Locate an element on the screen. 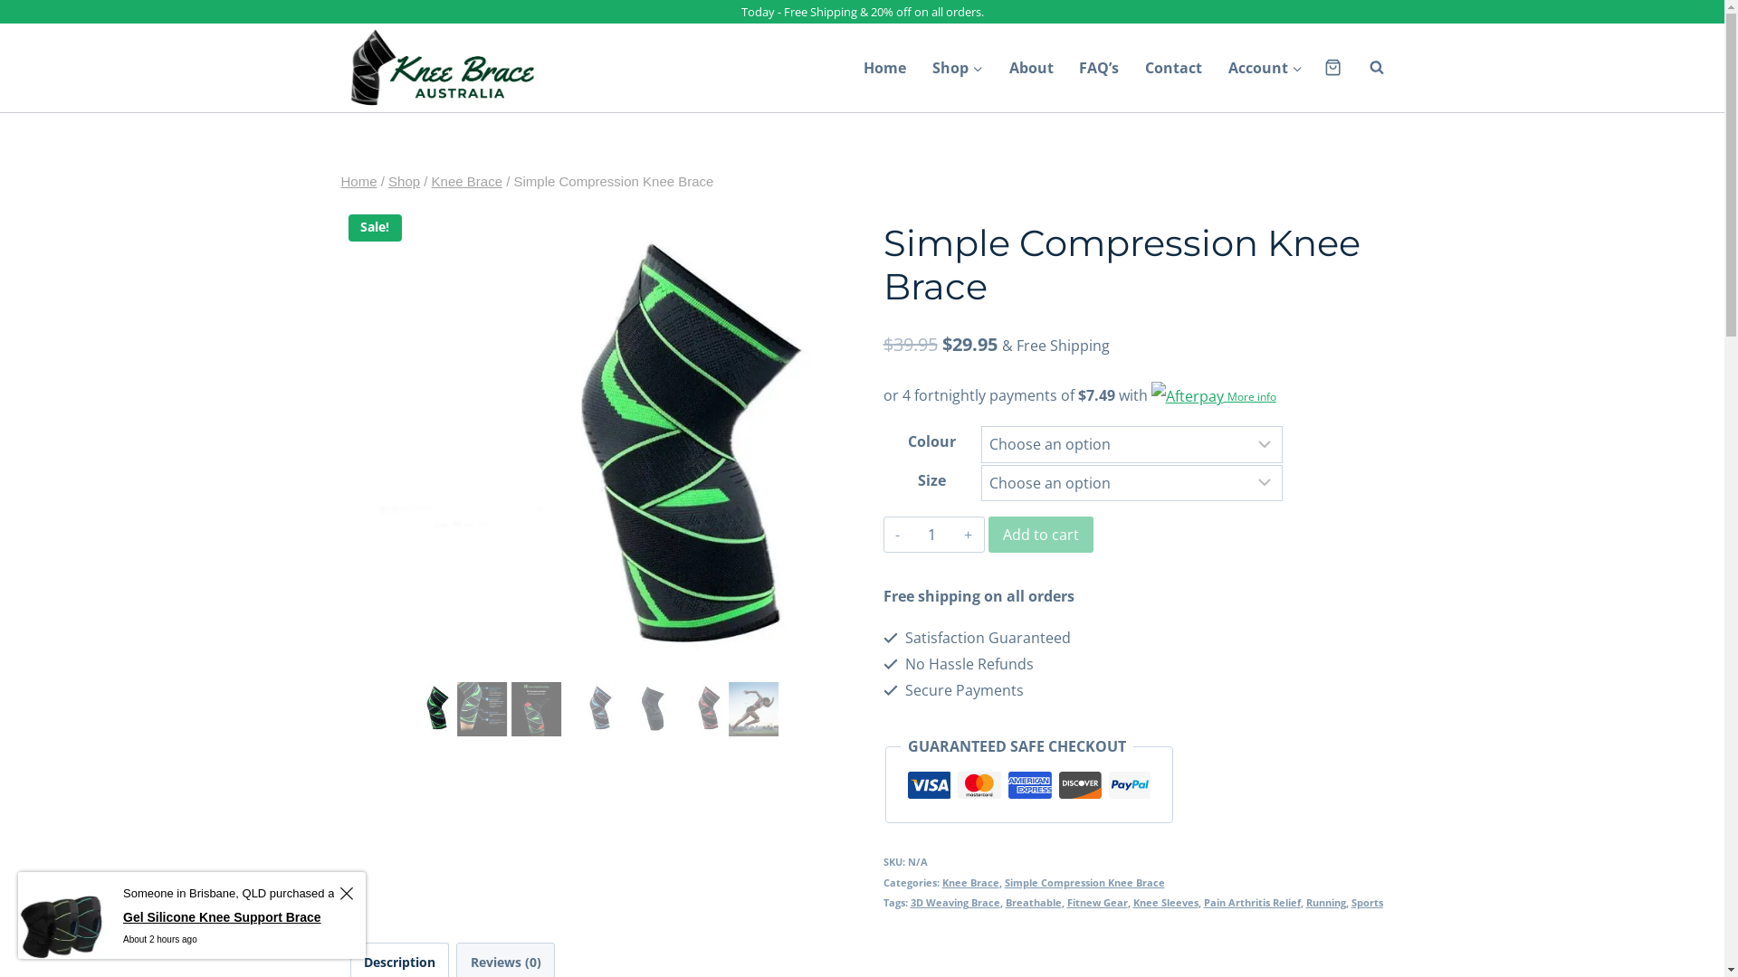 This screenshot has width=1738, height=977. 'Simple Compression Knee Brace' is located at coordinates (1003, 881).